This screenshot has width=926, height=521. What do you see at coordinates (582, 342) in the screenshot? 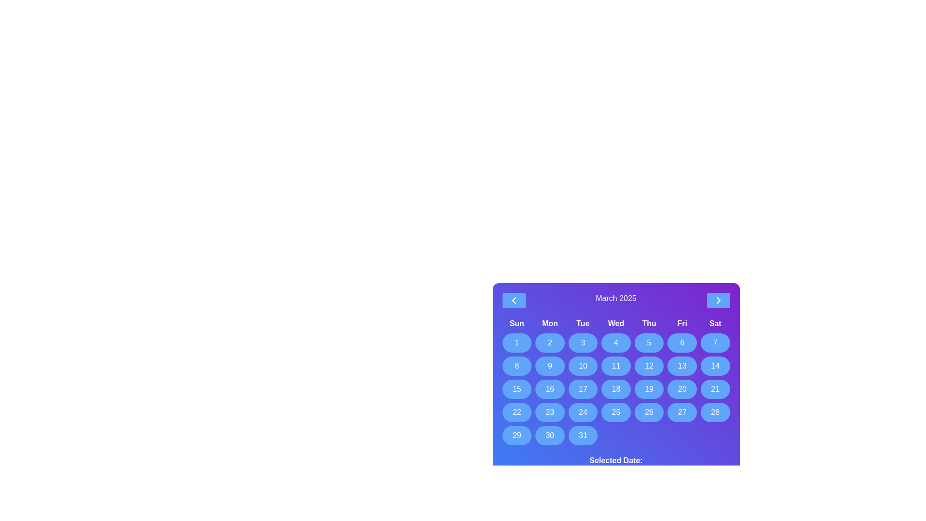
I see `the rounded blue button with a white number '3' centered inside` at bounding box center [582, 342].